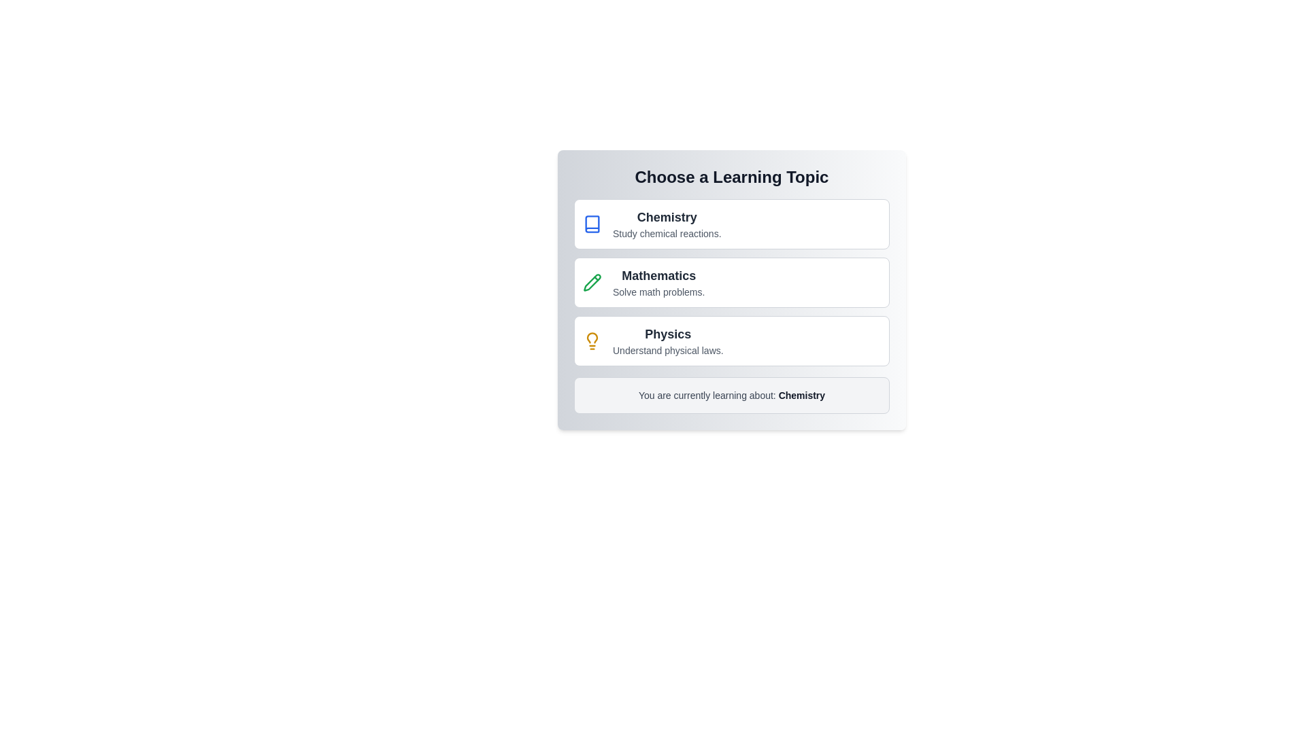 This screenshot has height=734, width=1306. What do you see at coordinates (592, 224) in the screenshot?
I see `the small blue book icon located to the left of the 'Chemistry' option in the learning topic selection area` at bounding box center [592, 224].